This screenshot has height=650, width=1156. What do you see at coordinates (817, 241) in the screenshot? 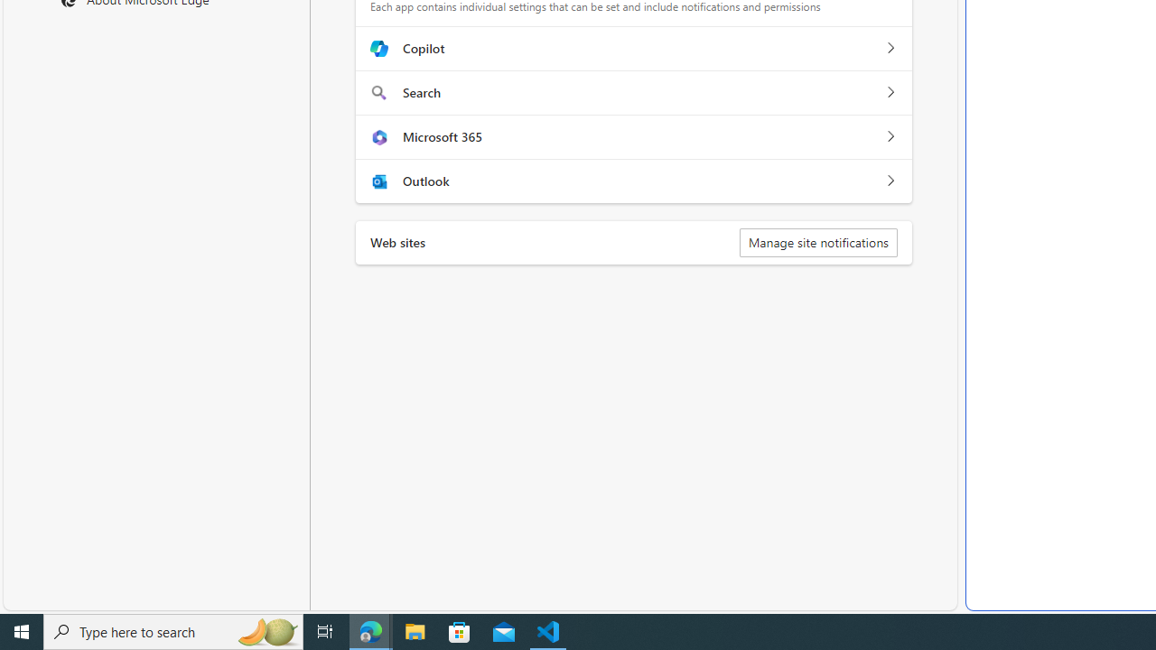
I see `'Manage site notifications'` at bounding box center [817, 241].